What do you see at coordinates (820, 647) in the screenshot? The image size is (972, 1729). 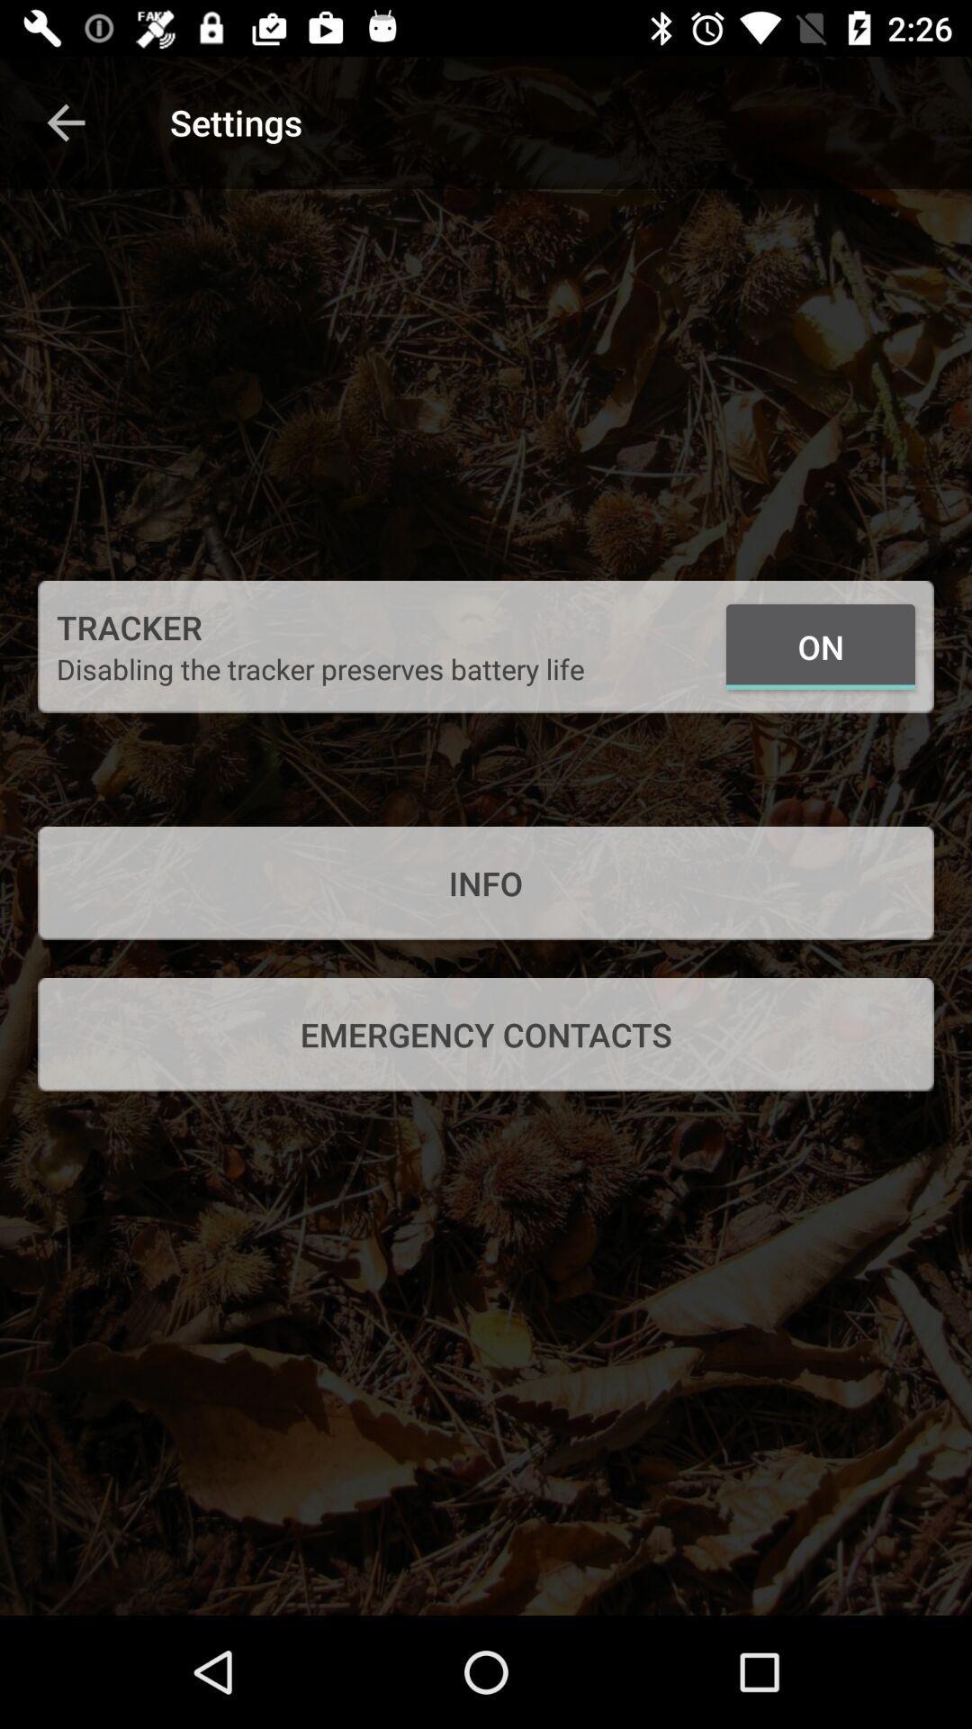 I see `the item above the info icon` at bounding box center [820, 647].